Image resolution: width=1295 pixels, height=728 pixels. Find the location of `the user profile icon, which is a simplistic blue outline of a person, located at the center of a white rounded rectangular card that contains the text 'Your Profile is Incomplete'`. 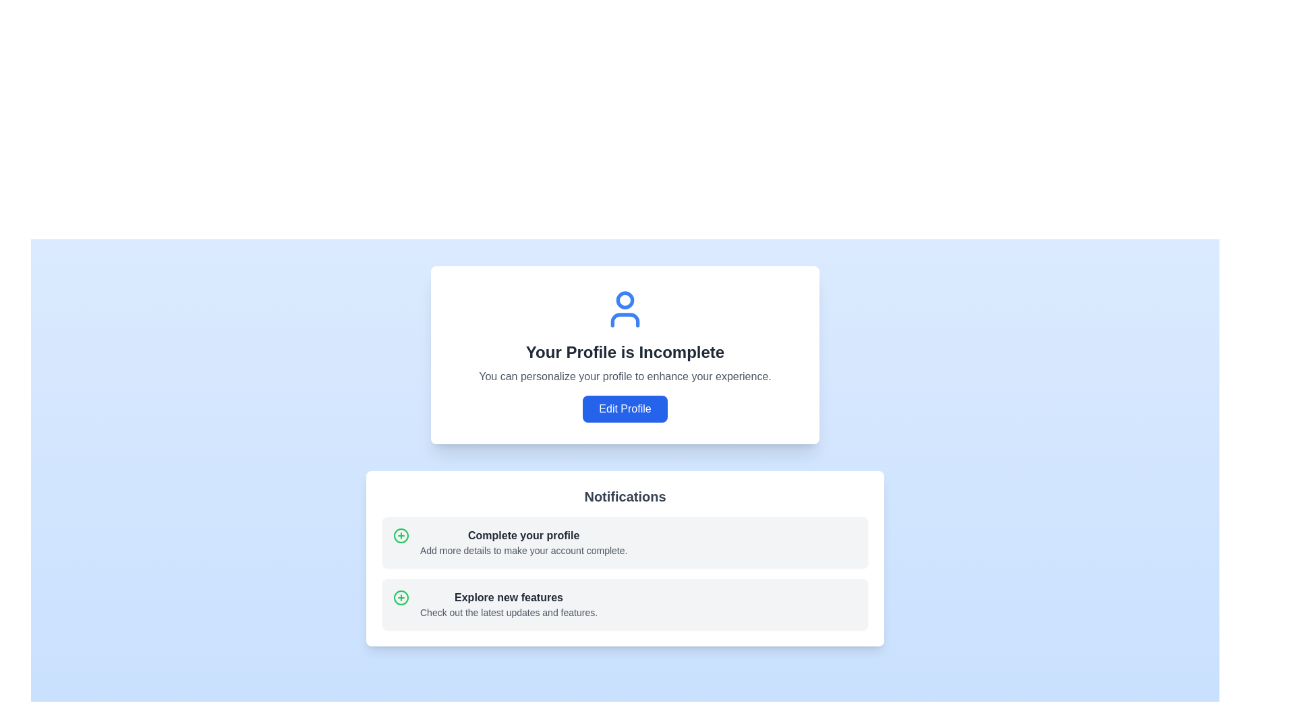

the user profile icon, which is a simplistic blue outline of a person, located at the center of a white rounded rectangular card that contains the text 'Your Profile is Incomplete' is located at coordinates (624, 309).